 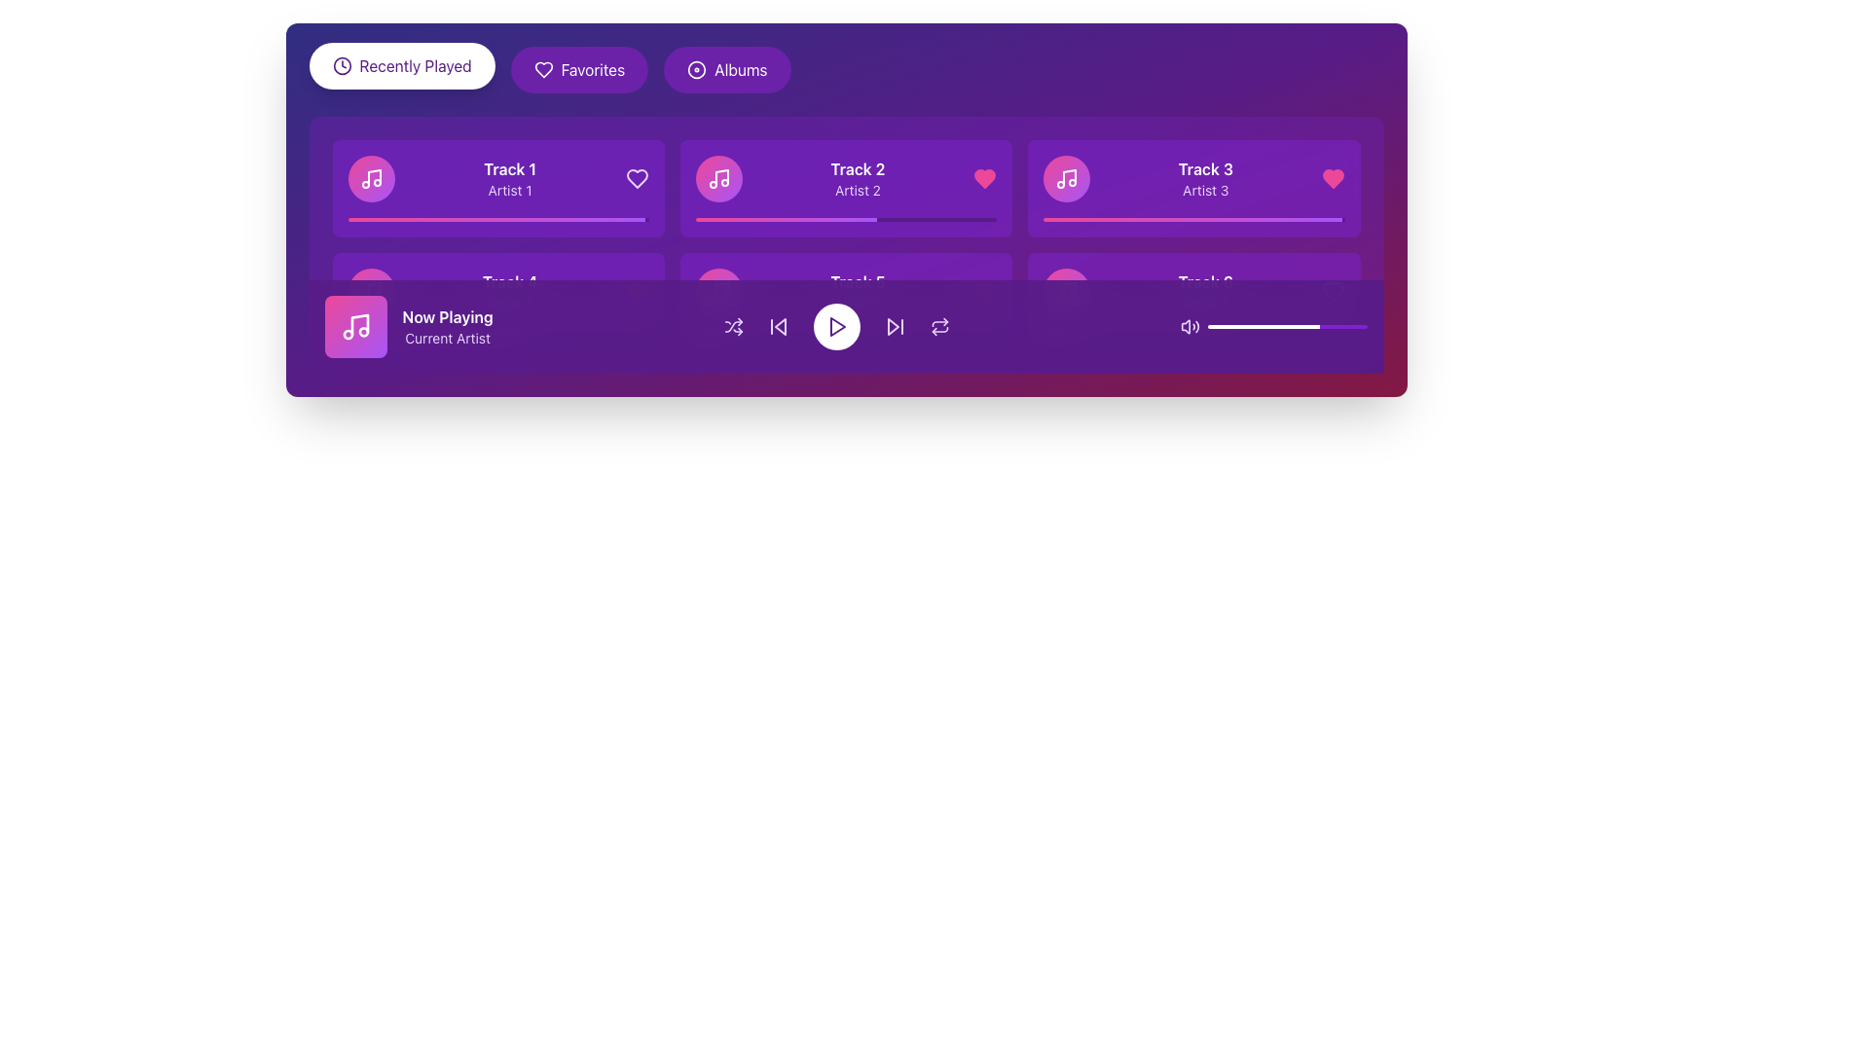 What do you see at coordinates (838, 325) in the screenshot?
I see `the triangular play icon in the media control section of the bottom controller bar to play media` at bounding box center [838, 325].